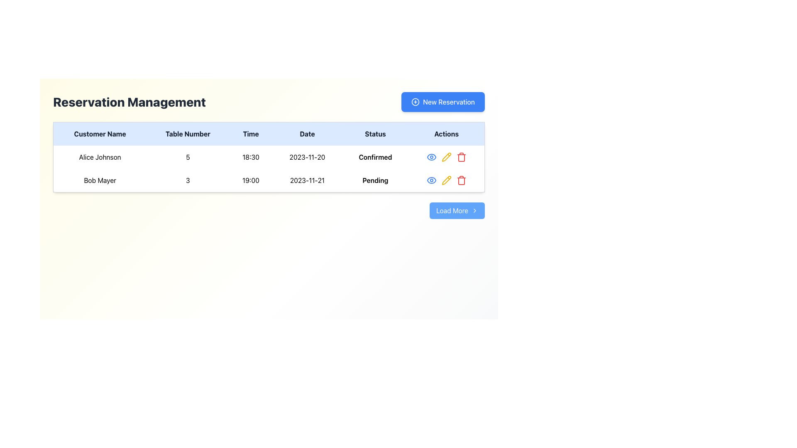  What do you see at coordinates (250, 157) in the screenshot?
I see `the static text label displaying the reservation time in the 'Reservation Management' table, located in the third column of the first data row` at bounding box center [250, 157].